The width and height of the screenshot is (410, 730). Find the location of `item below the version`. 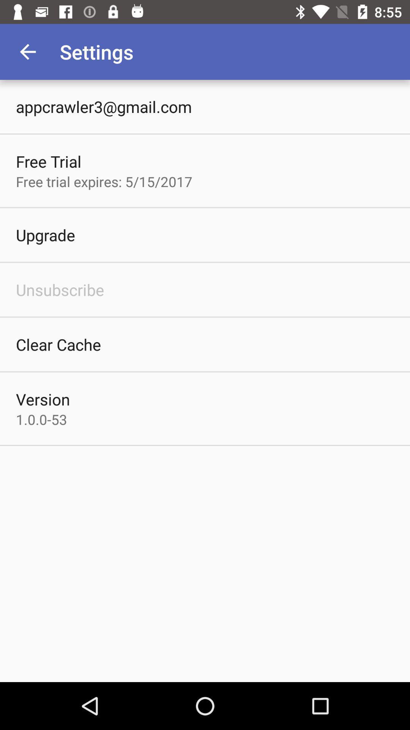

item below the version is located at coordinates (41, 419).